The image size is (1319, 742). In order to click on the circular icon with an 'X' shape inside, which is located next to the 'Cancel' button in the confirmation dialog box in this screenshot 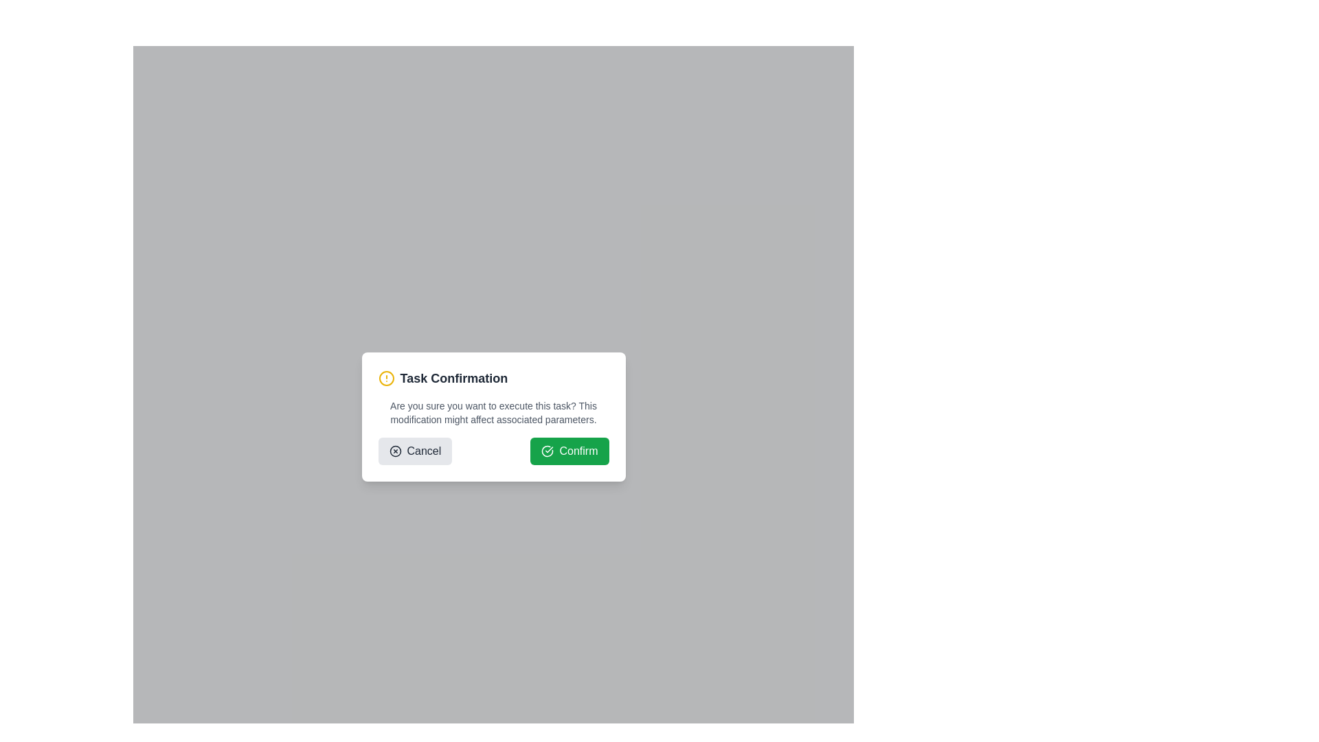, I will do `click(394, 451)`.